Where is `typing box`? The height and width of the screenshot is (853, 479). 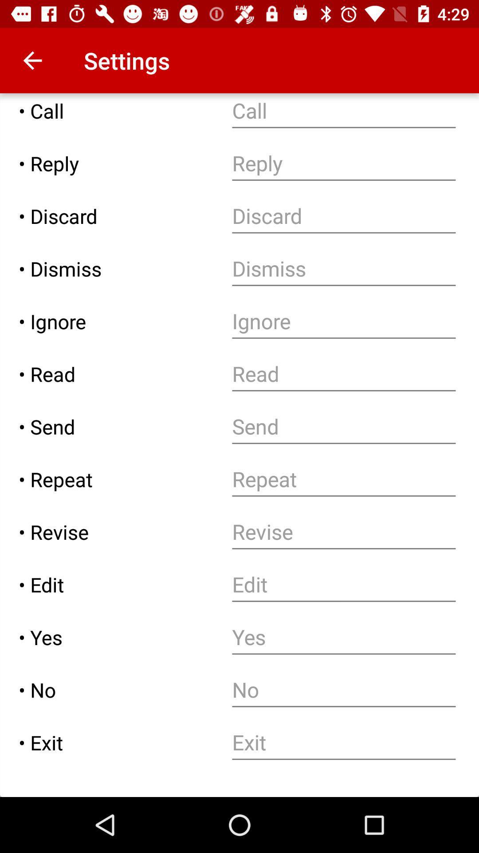
typing box is located at coordinates (343, 216).